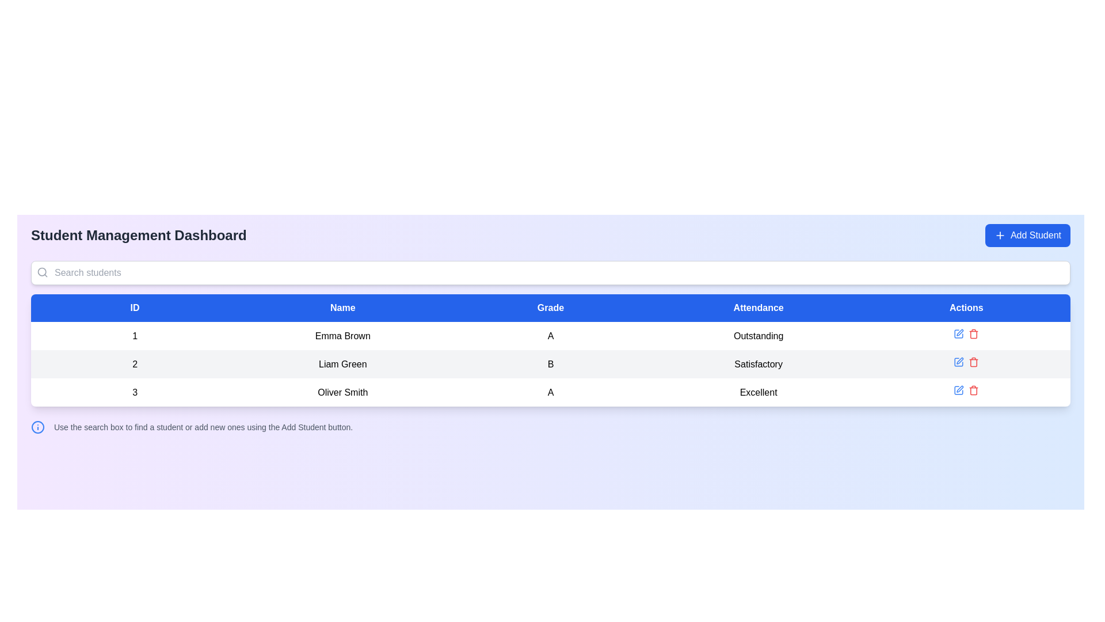 This screenshot has width=1105, height=622. Describe the element at coordinates (960, 359) in the screenshot. I see `the SVG edit icon located in the second row of the 'Actions' column` at that location.